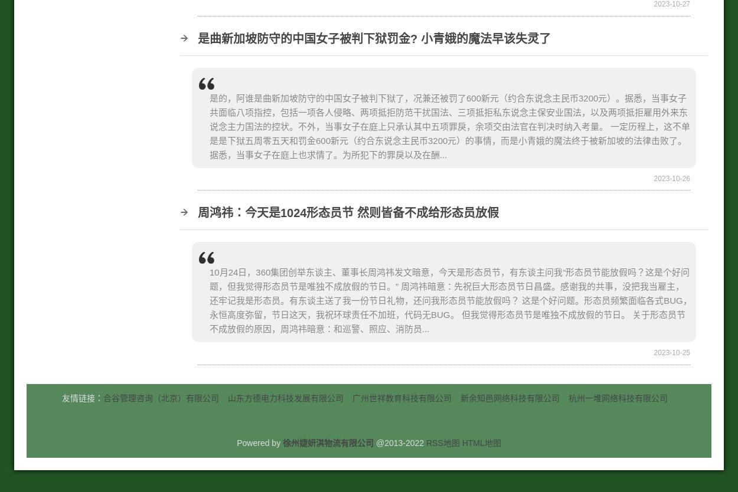  Describe the element at coordinates (672, 178) in the screenshot. I see `'2023-10-26'` at that location.